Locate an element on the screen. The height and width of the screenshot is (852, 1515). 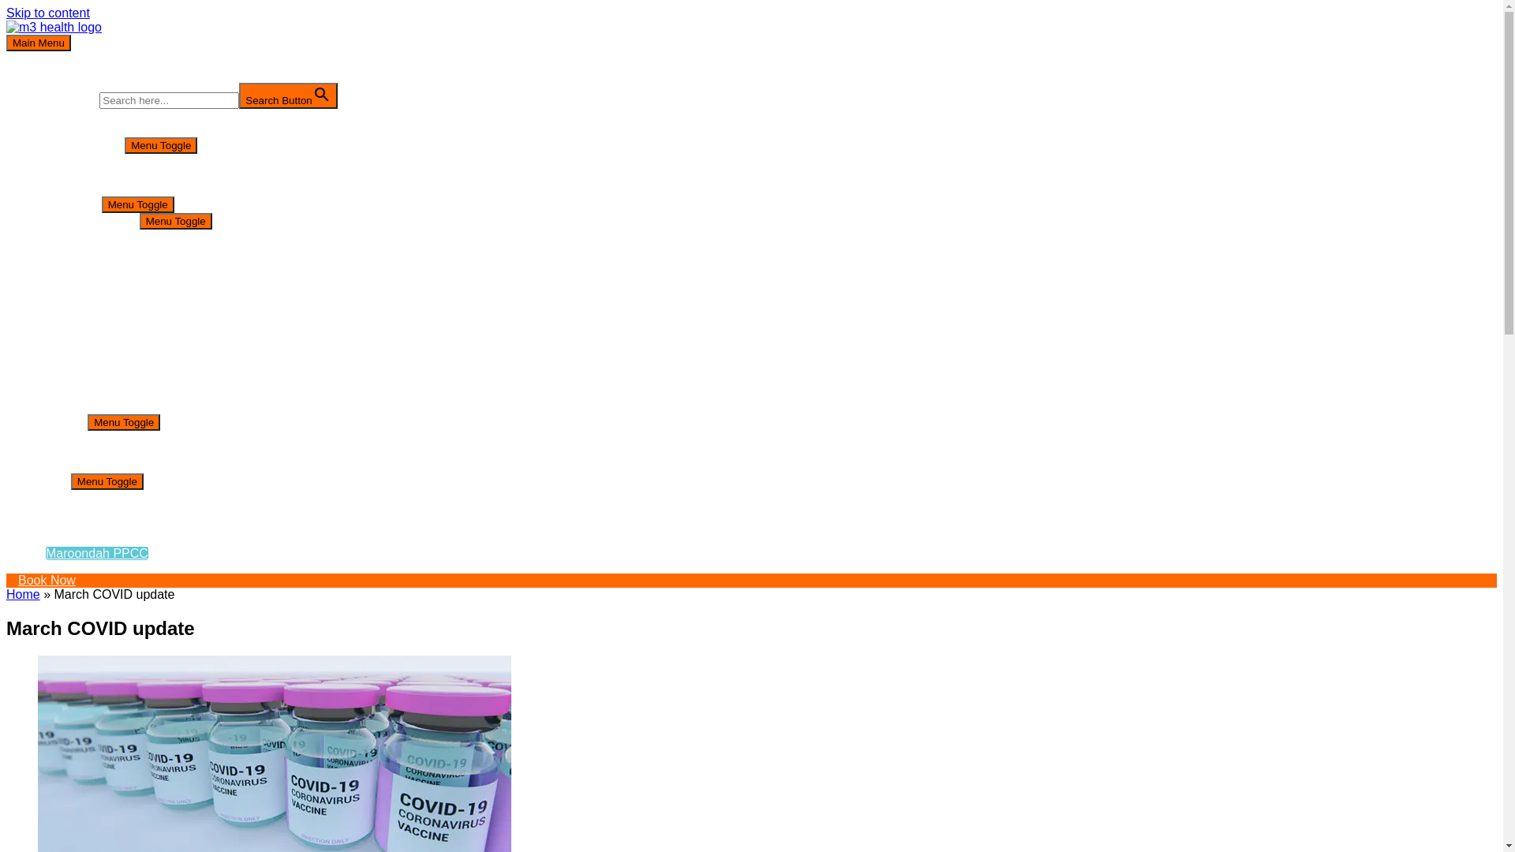
'HOME' is located at coordinates (57, 114).